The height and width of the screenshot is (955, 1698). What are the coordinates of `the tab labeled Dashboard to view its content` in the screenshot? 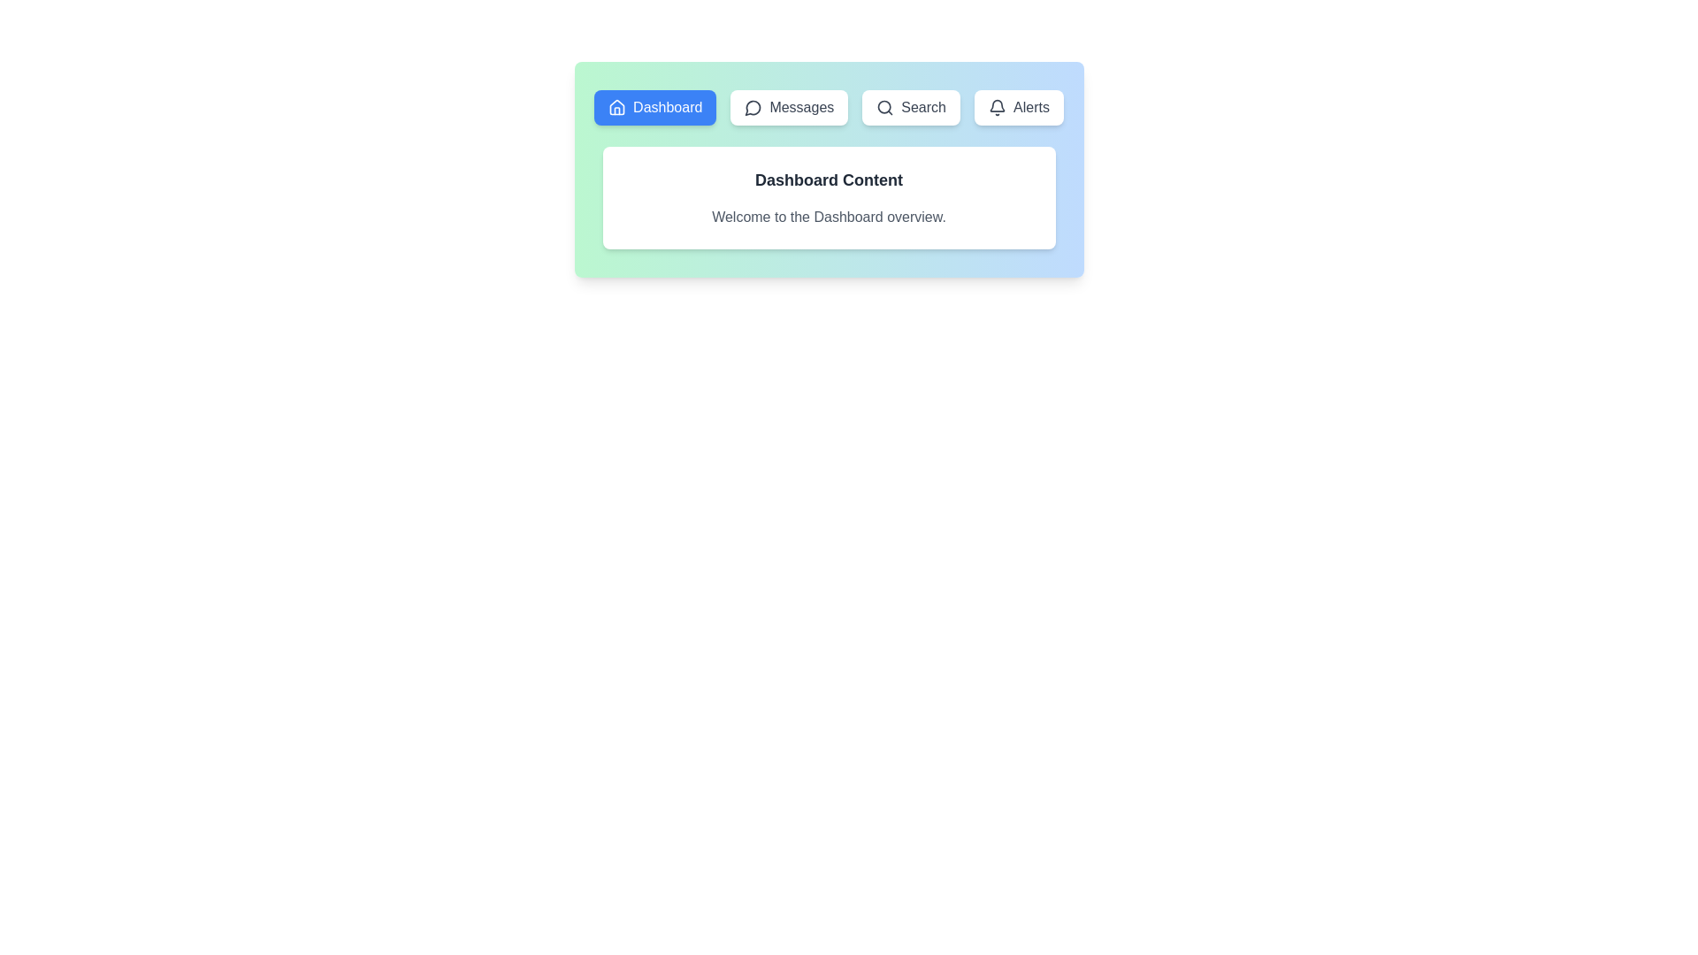 It's located at (654, 108).